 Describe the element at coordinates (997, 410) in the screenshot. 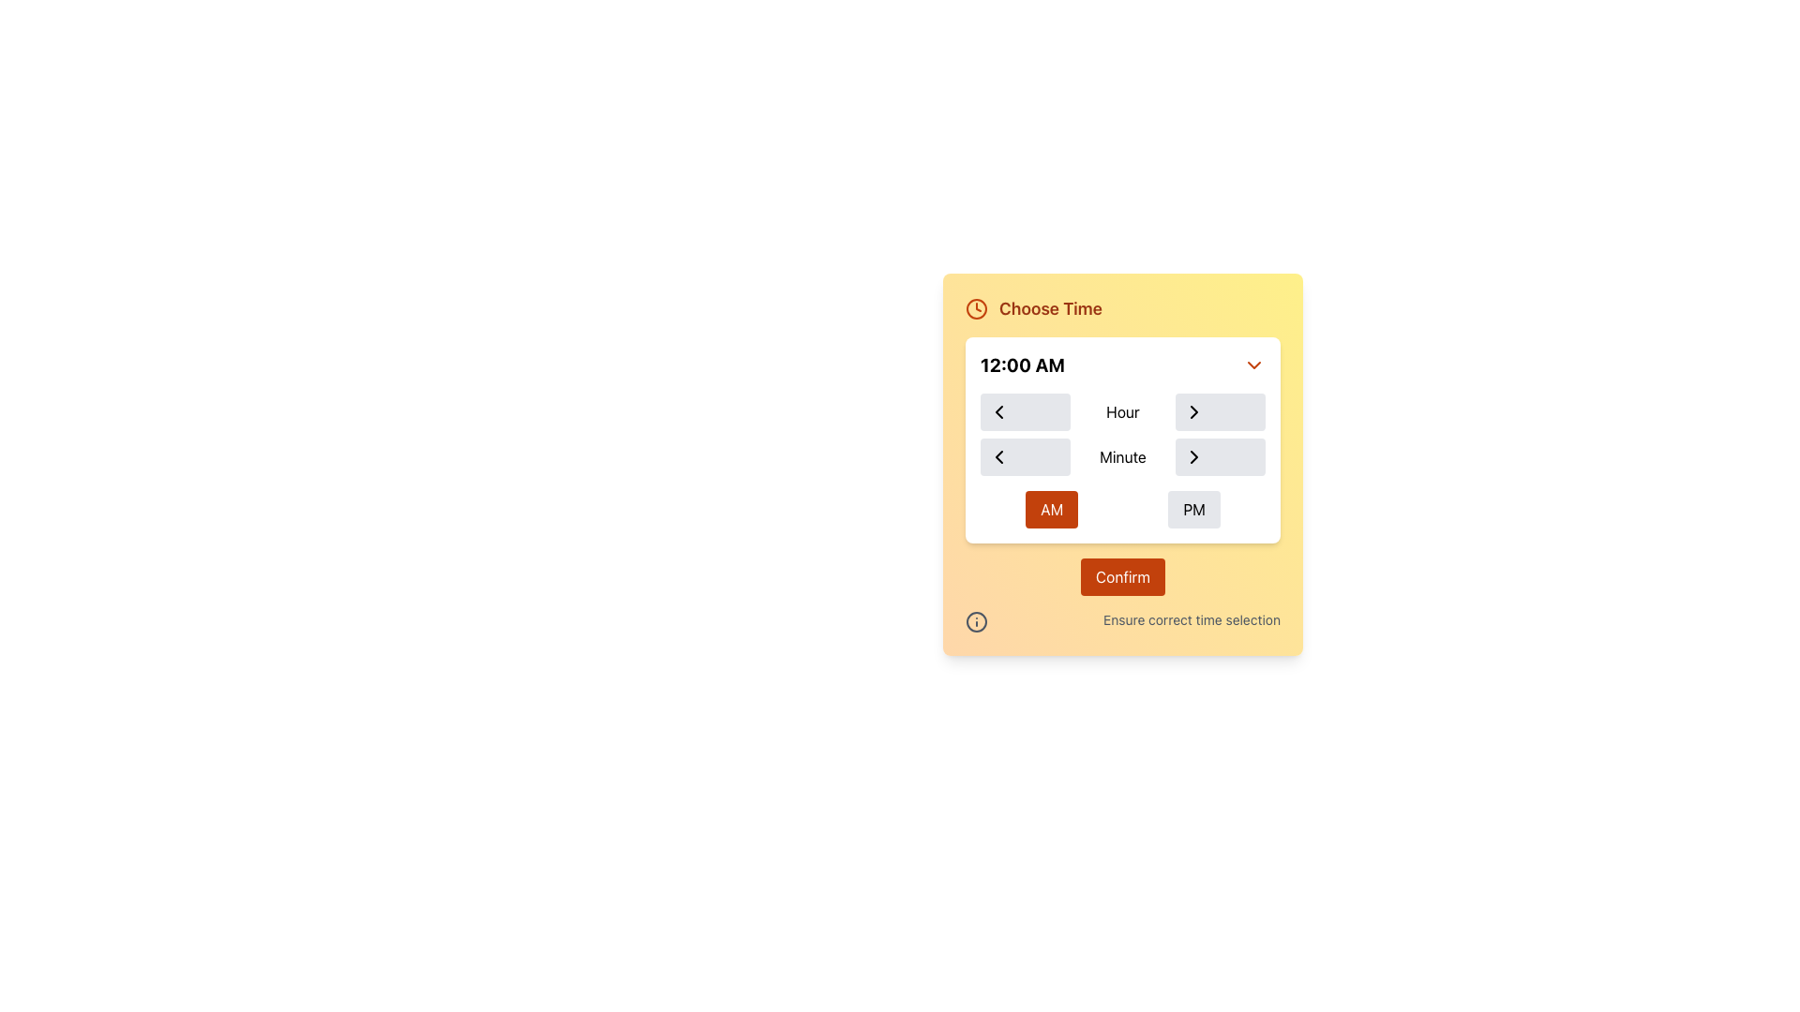

I see `the leftward-pointing chevron icon representing the decrement action located below the '12:00 AM' label to decrement the hour value` at that location.